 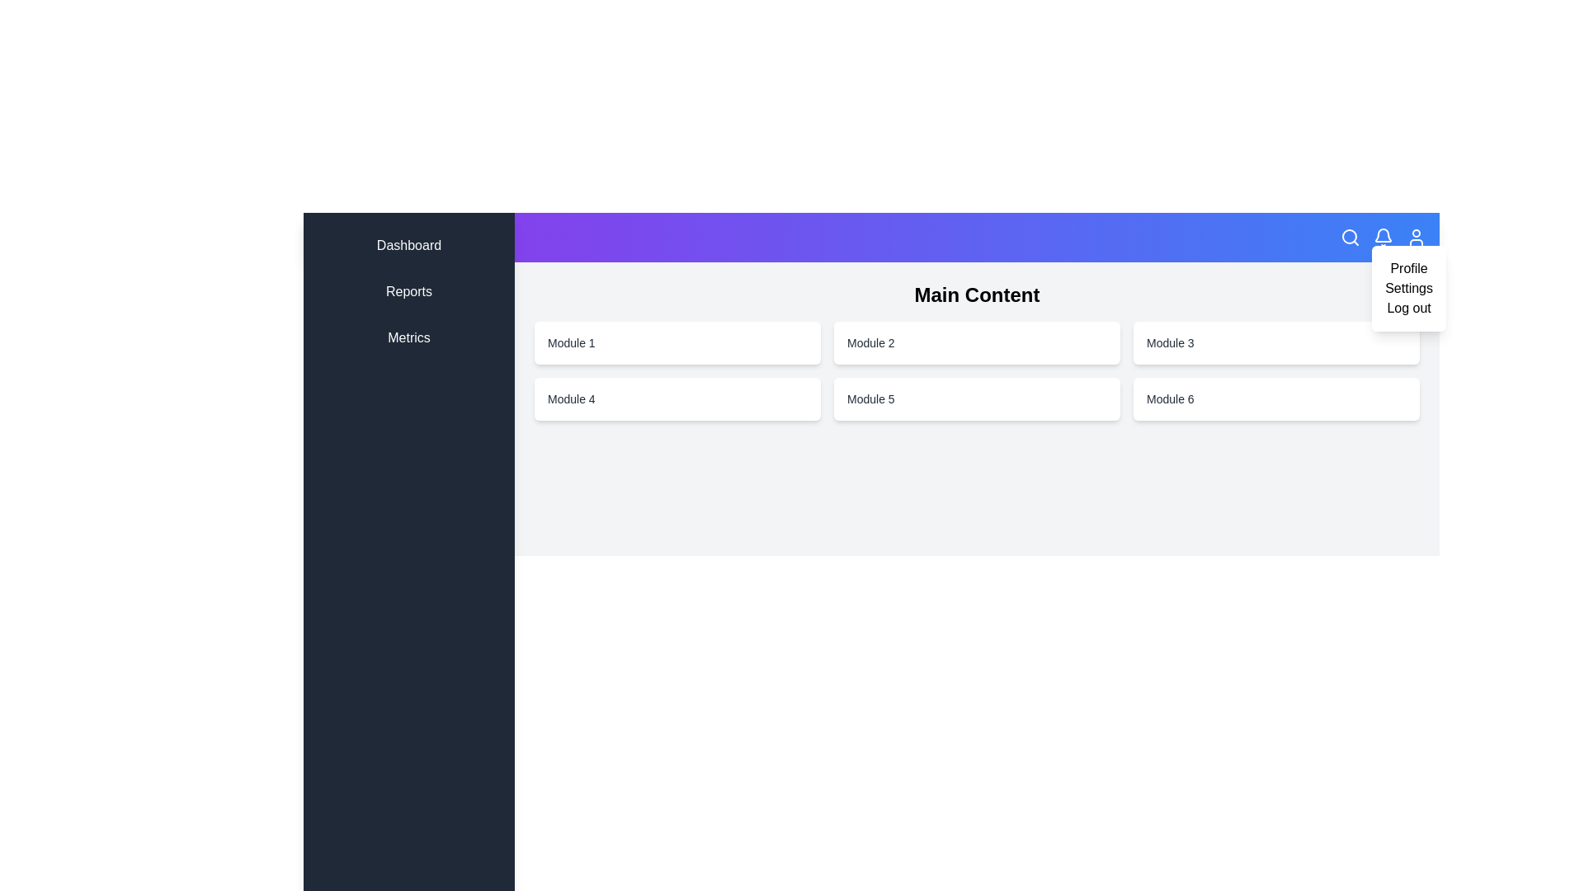 What do you see at coordinates (677, 398) in the screenshot?
I see `the 'Module 4' card located in the second row and first column of the grid layout` at bounding box center [677, 398].